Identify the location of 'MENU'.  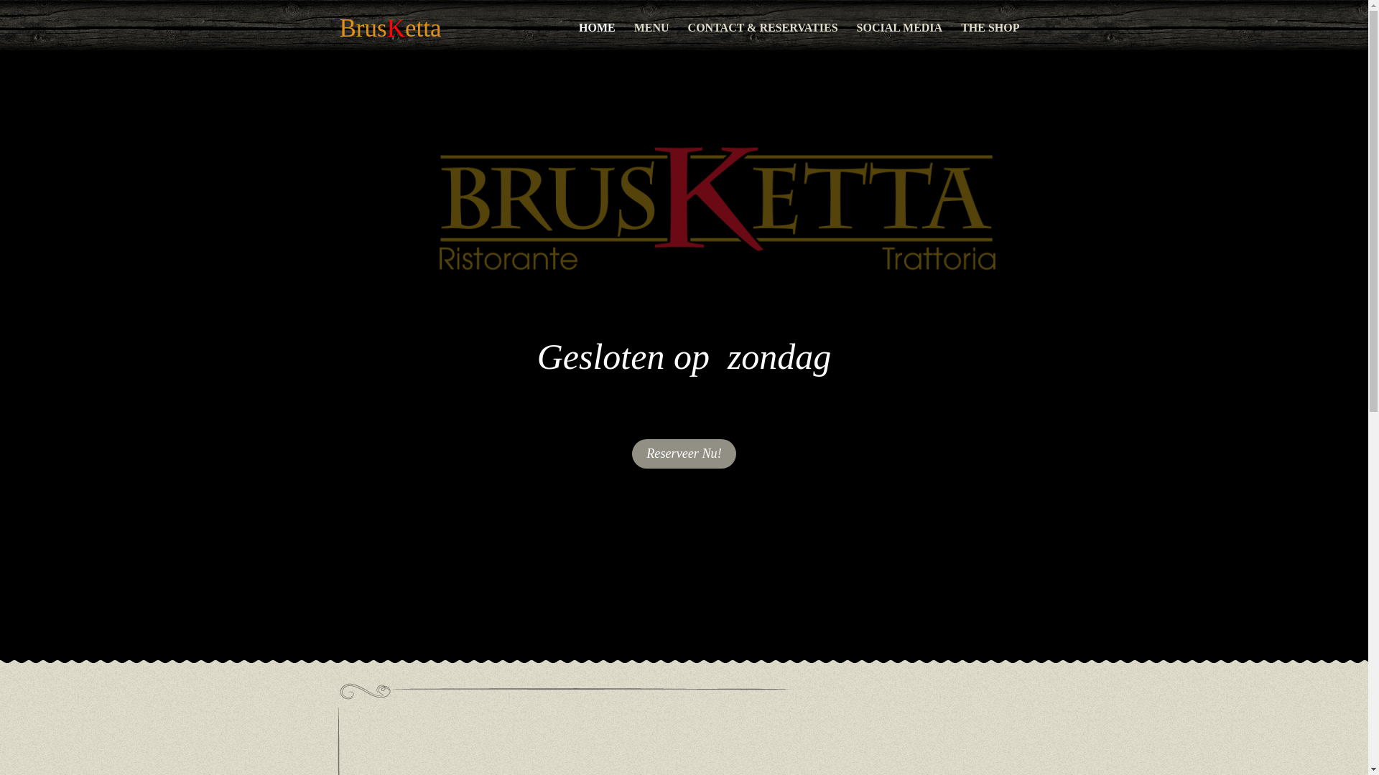
(651, 28).